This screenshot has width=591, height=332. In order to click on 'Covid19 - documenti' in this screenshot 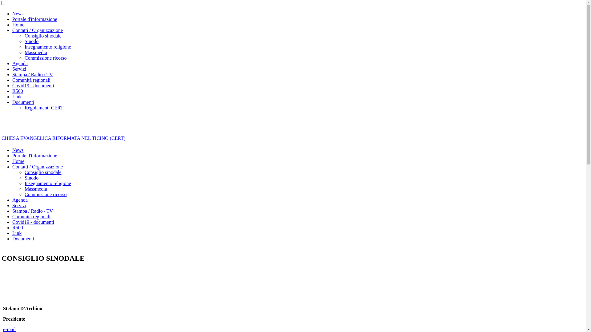, I will do `click(33, 222)`.